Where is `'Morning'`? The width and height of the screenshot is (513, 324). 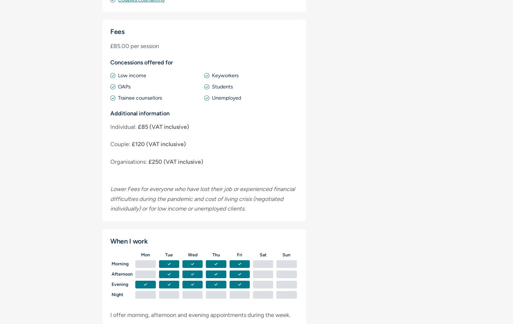
'Morning' is located at coordinates (120, 263).